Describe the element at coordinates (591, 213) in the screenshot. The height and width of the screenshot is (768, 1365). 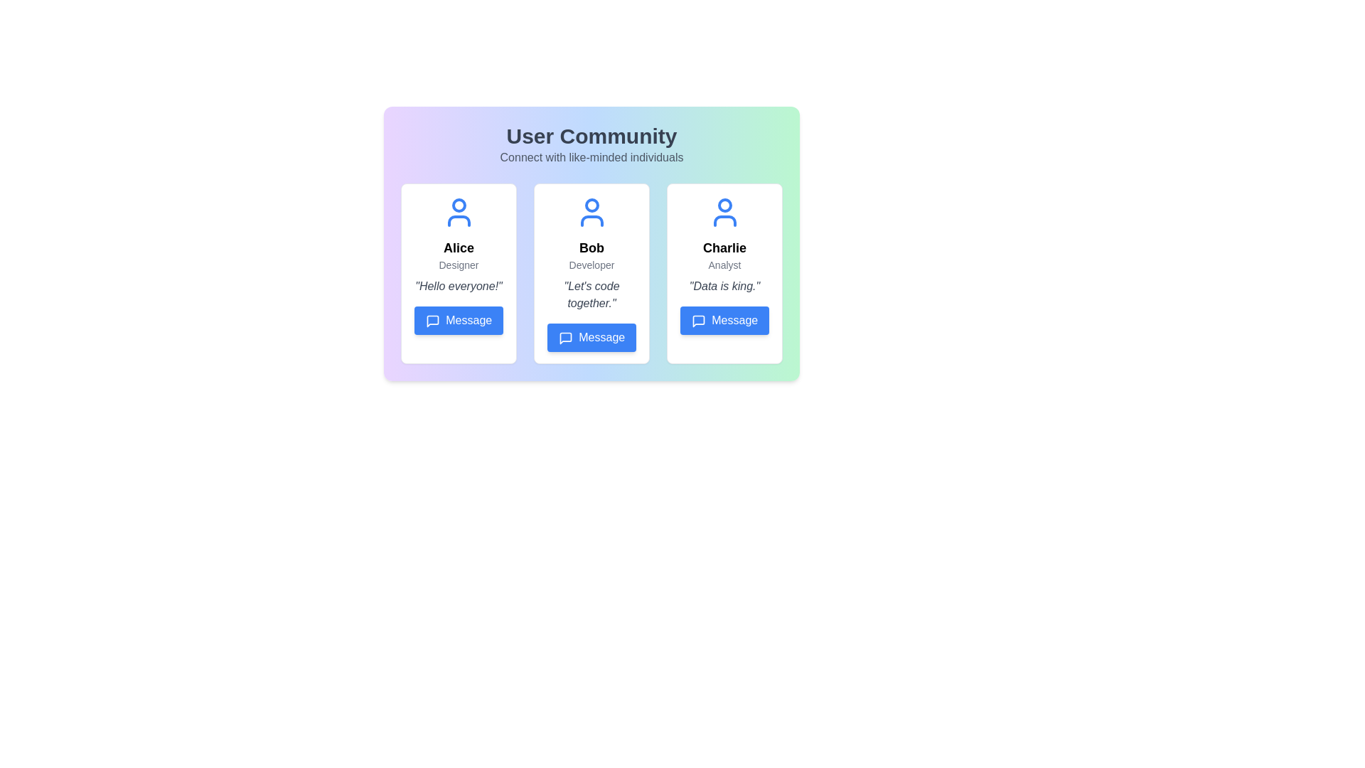
I see `the circular user icon styled in light blue, located above the text 'Bob' and 'Developer', which serves as the header for the content` at that location.